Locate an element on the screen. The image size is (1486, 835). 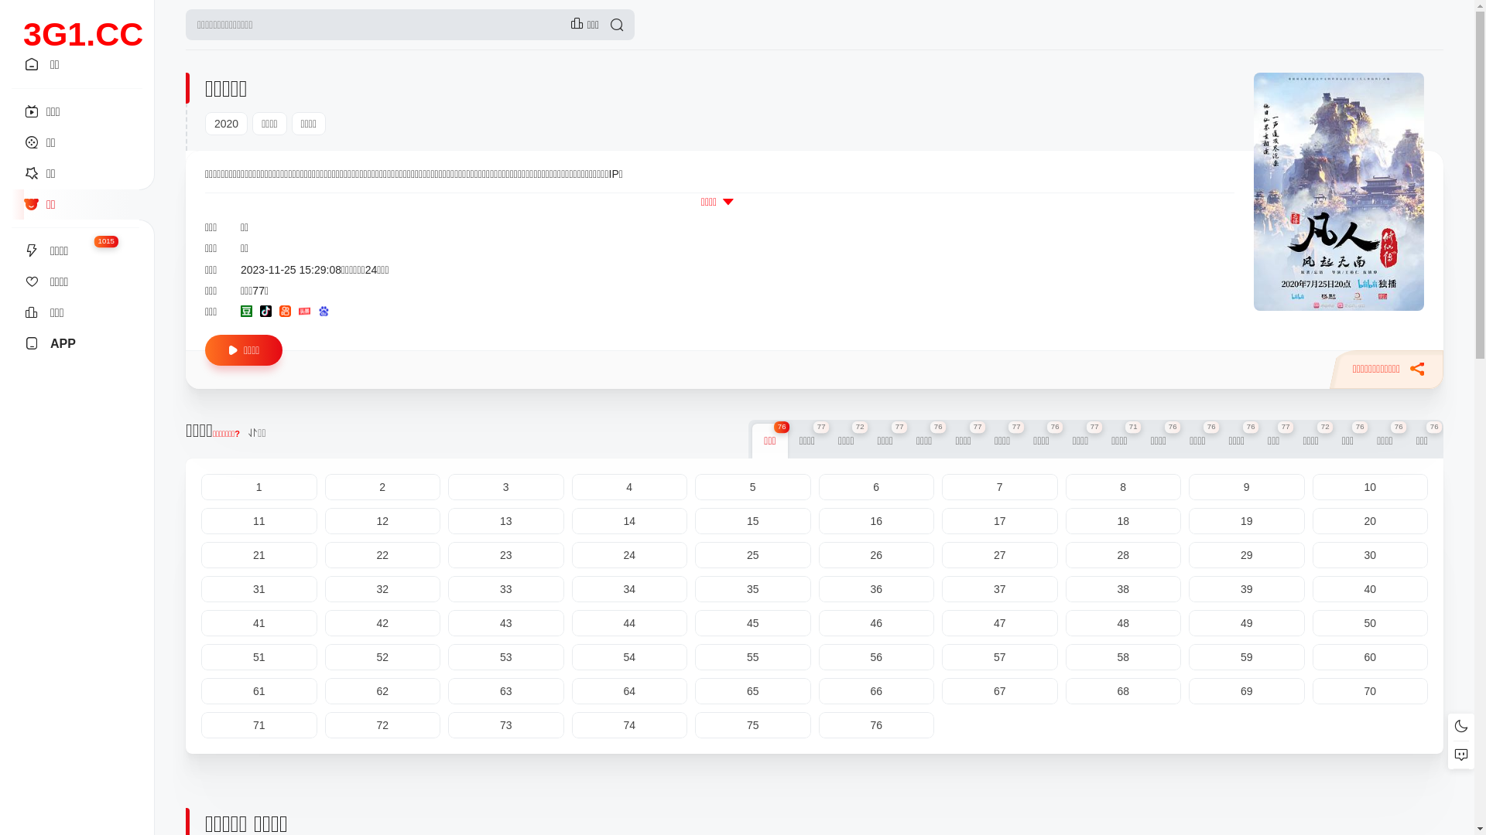
'8' is located at coordinates (1064, 486).